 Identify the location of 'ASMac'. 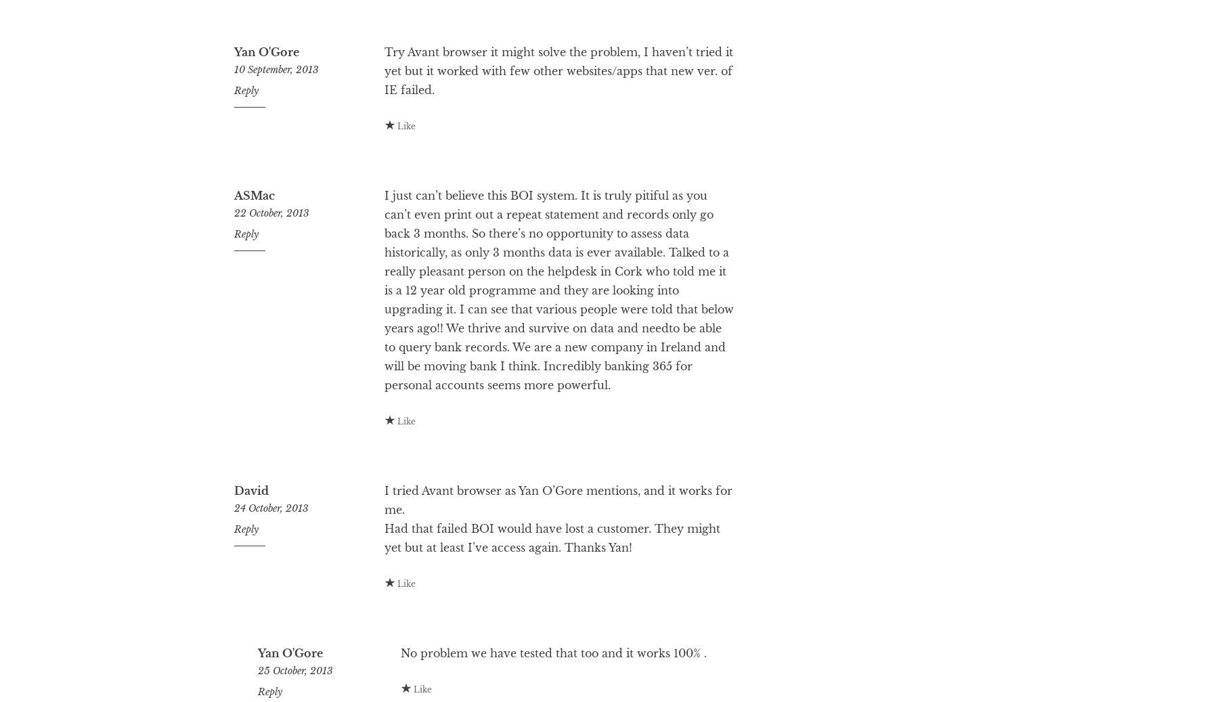
(253, 248).